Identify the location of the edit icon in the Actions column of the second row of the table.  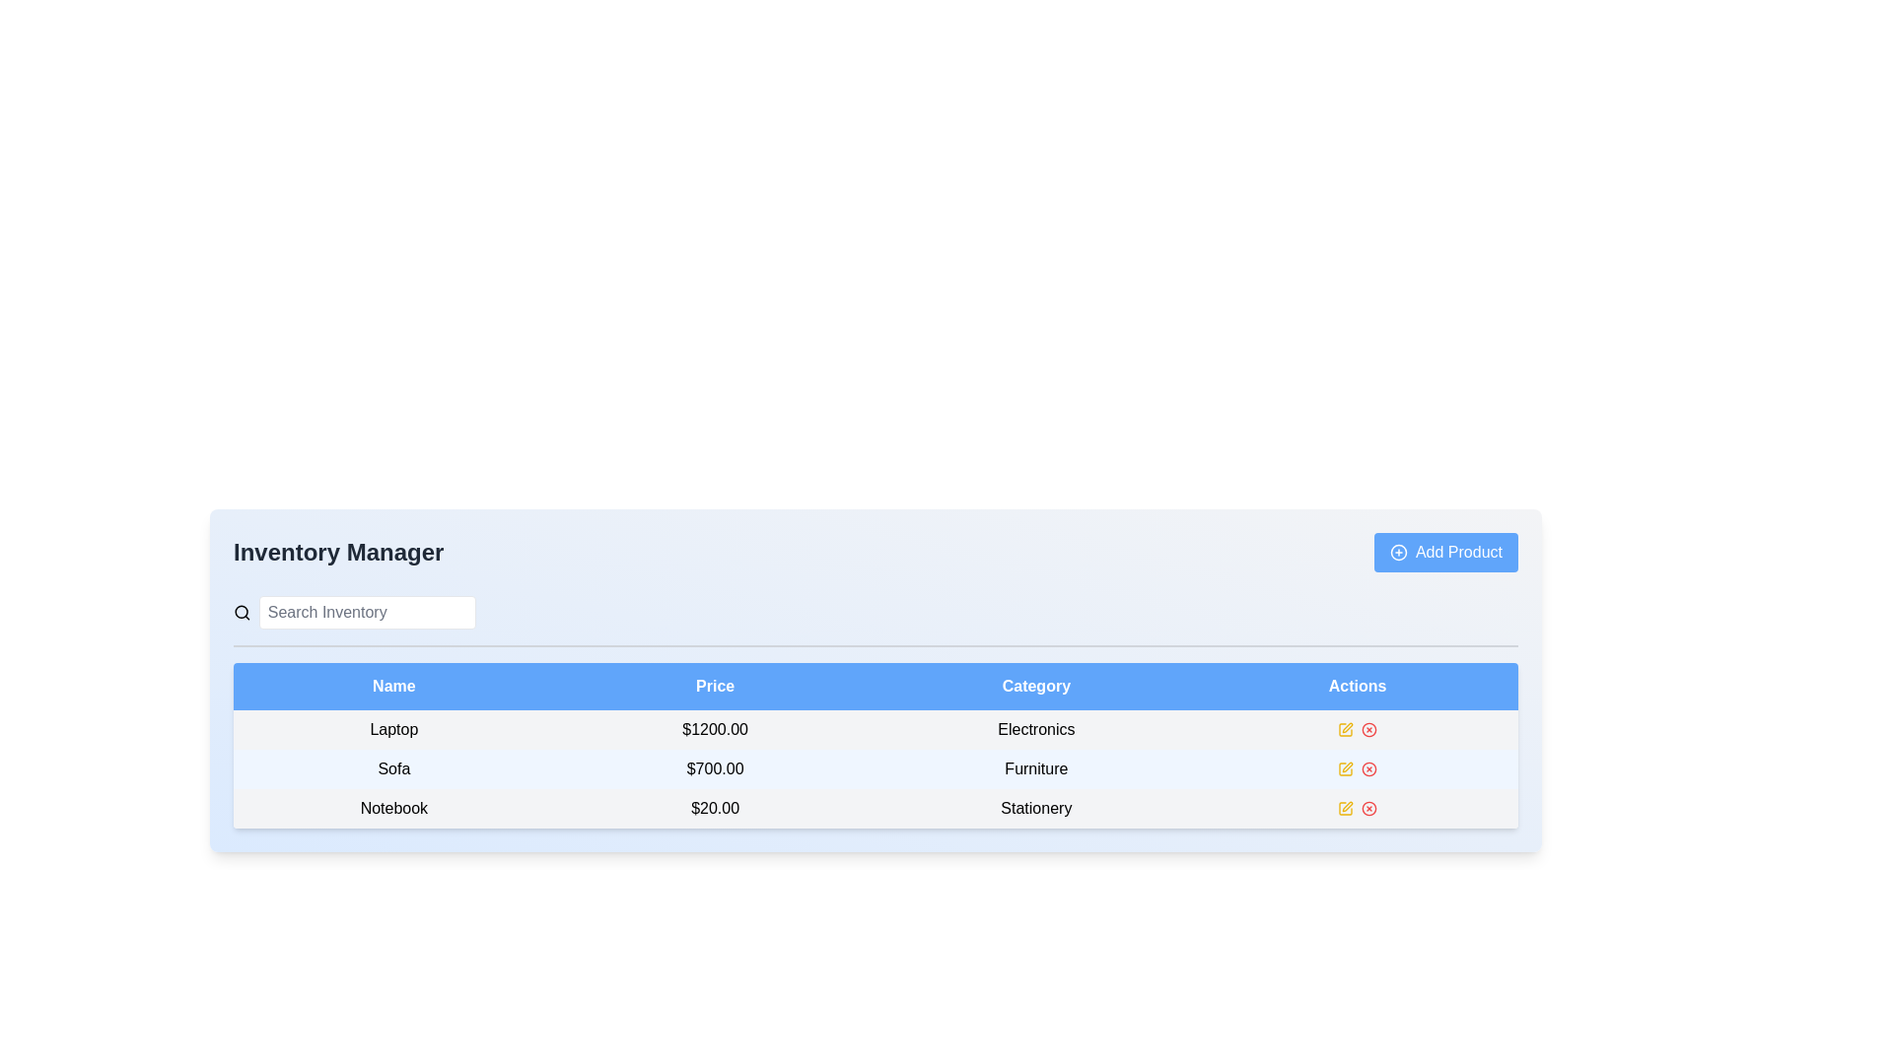
(1345, 767).